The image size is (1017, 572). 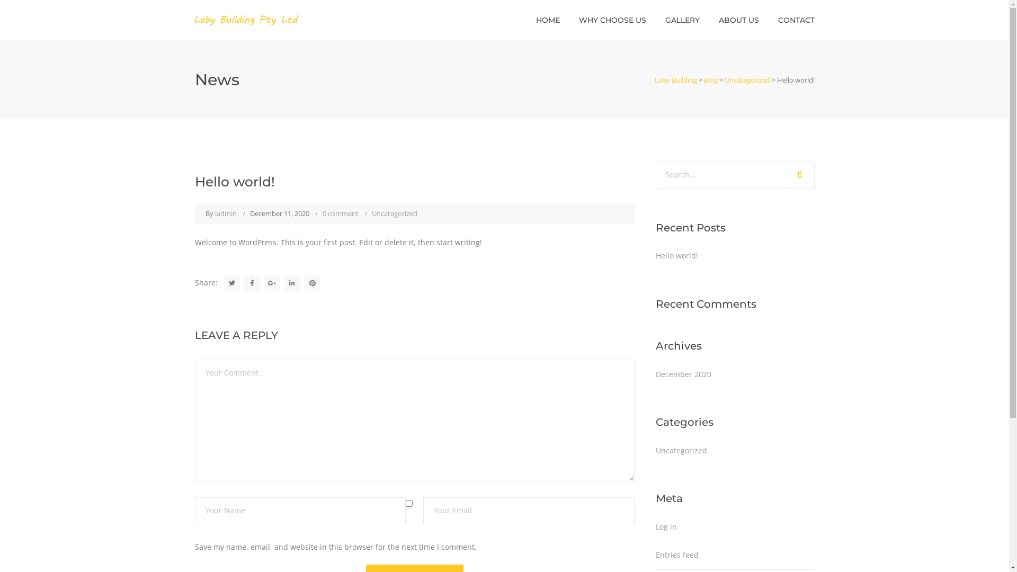 What do you see at coordinates (683, 373) in the screenshot?
I see `'December 2020'` at bounding box center [683, 373].